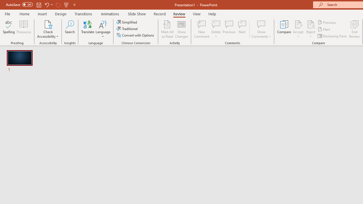 The image size is (363, 204). What do you see at coordinates (202, 29) in the screenshot?
I see `'New Comment'` at bounding box center [202, 29].